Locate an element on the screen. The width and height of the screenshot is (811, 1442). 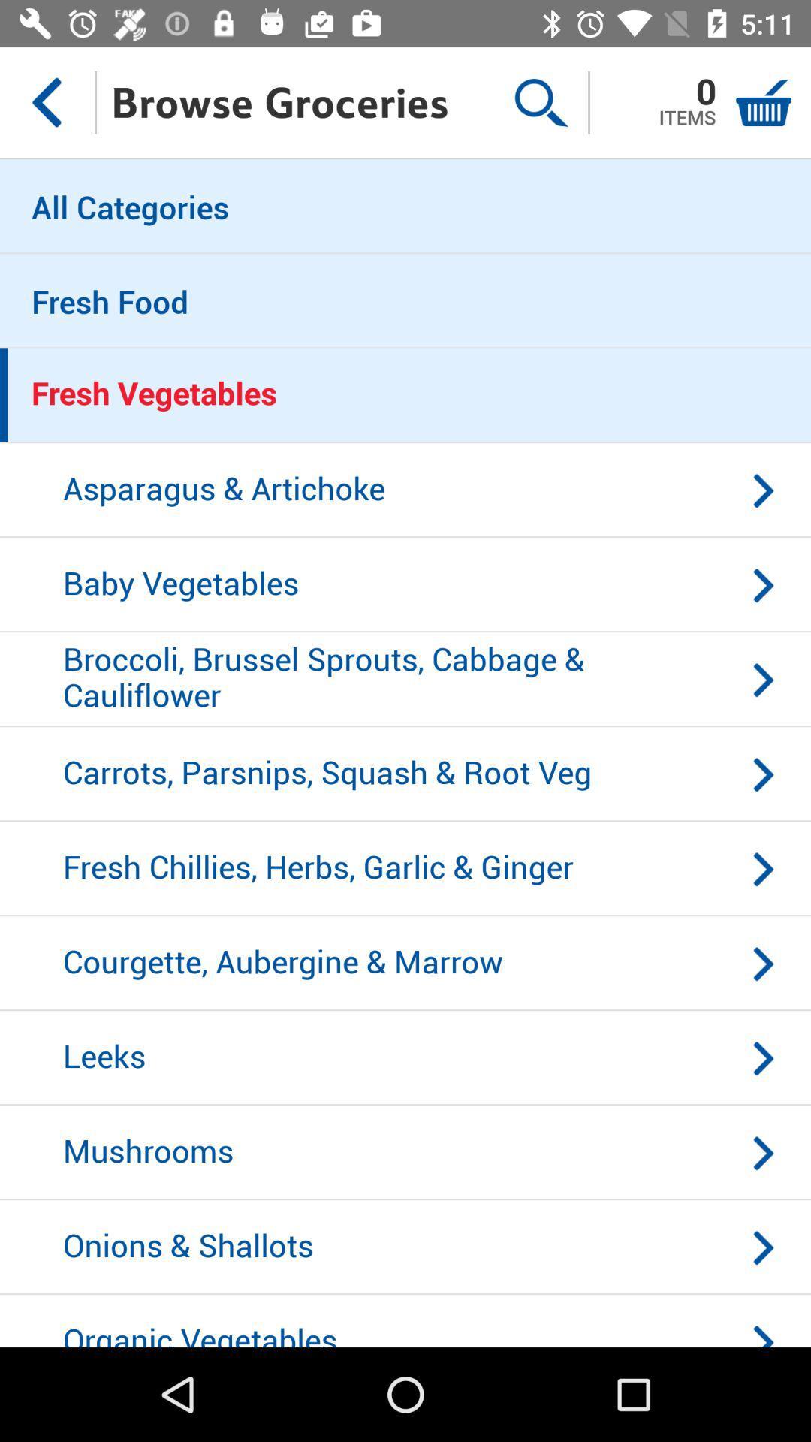
courgette, aubergine & marrow icon is located at coordinates (405, 964).